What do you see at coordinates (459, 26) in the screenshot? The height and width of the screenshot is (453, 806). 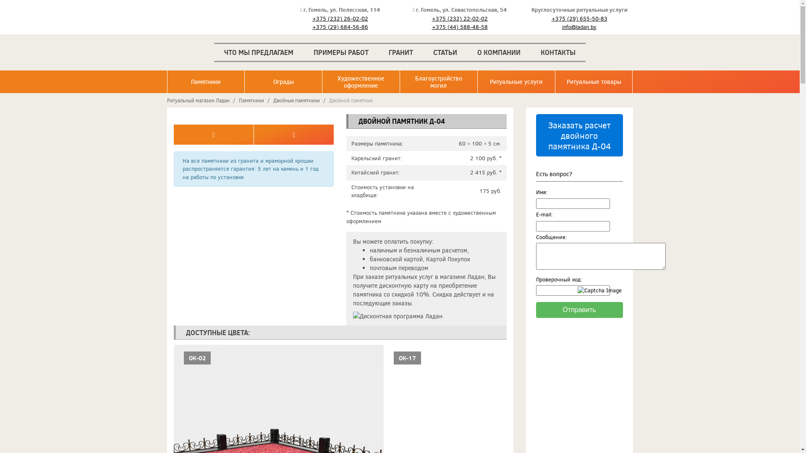 I see `'+375 (44) 588-48-58'` at bounding box center [459, 26].